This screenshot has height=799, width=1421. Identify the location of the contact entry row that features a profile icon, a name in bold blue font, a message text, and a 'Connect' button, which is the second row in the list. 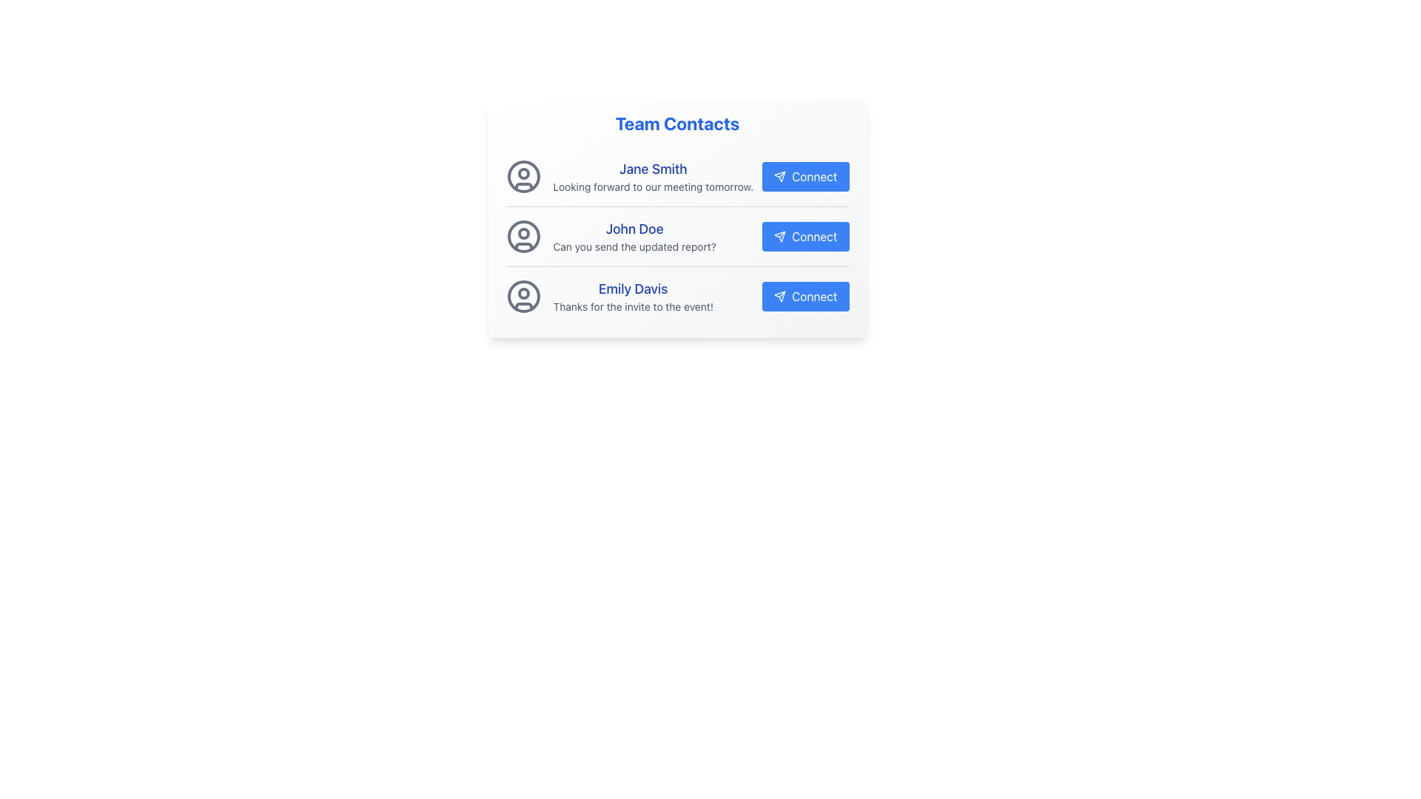
(676, 236).